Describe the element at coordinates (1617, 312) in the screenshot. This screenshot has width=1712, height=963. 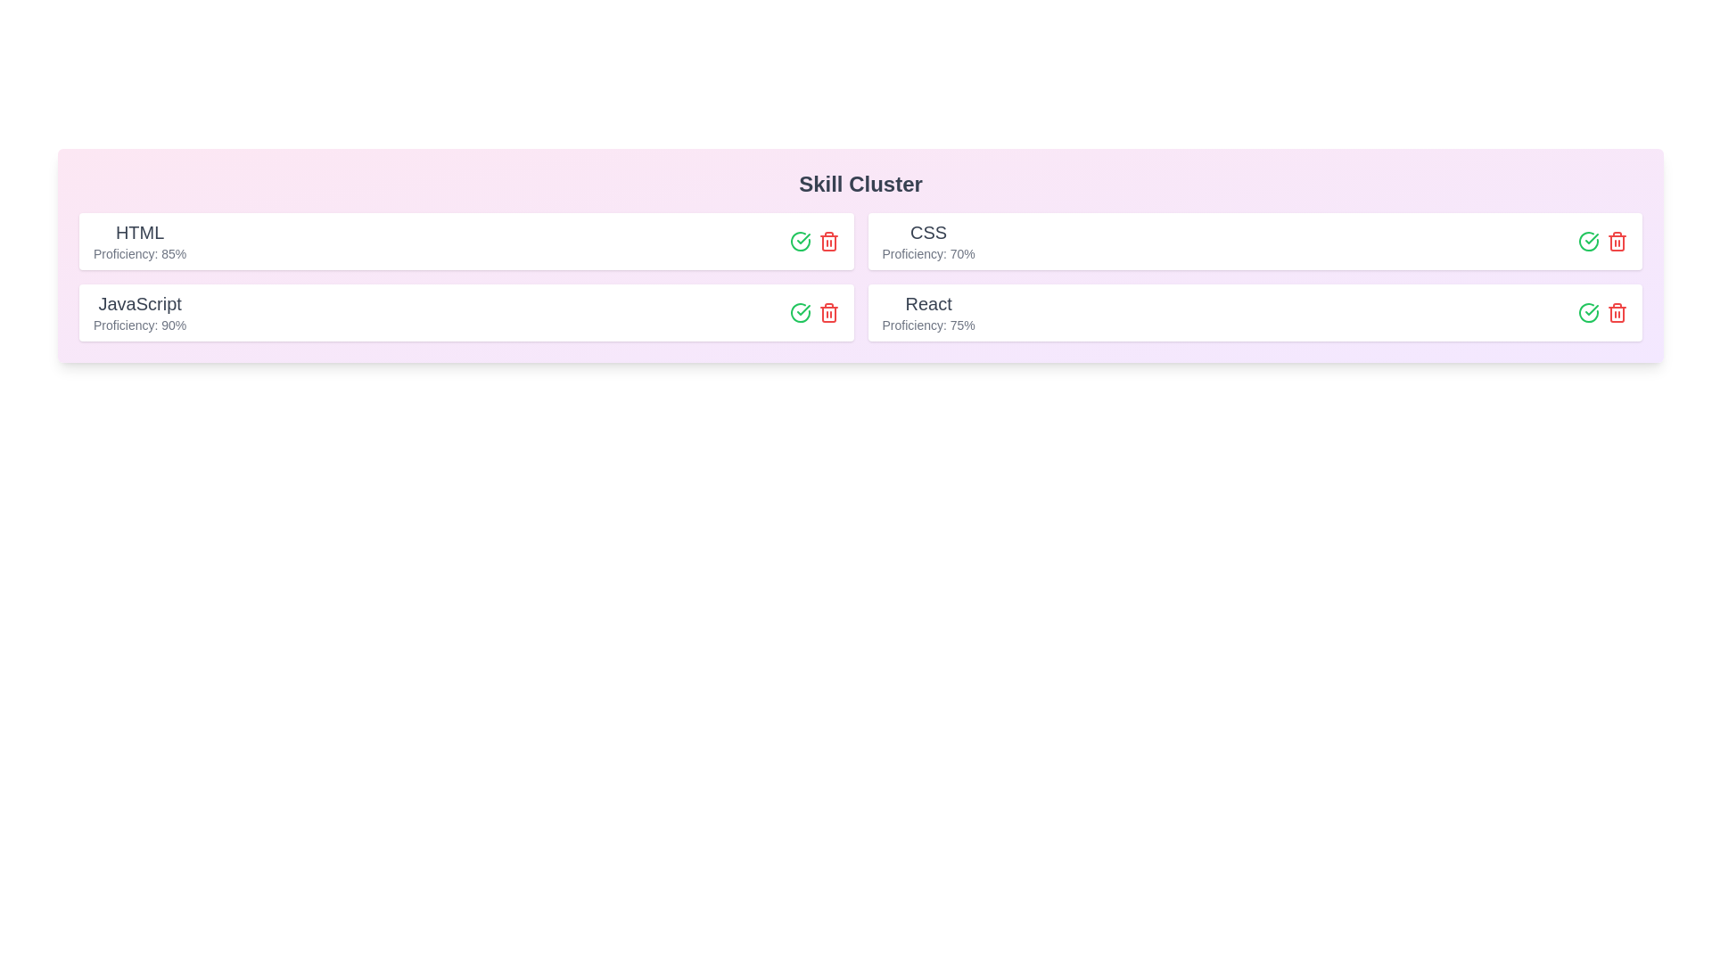
I see `remove button for the item labeled React` at that location.